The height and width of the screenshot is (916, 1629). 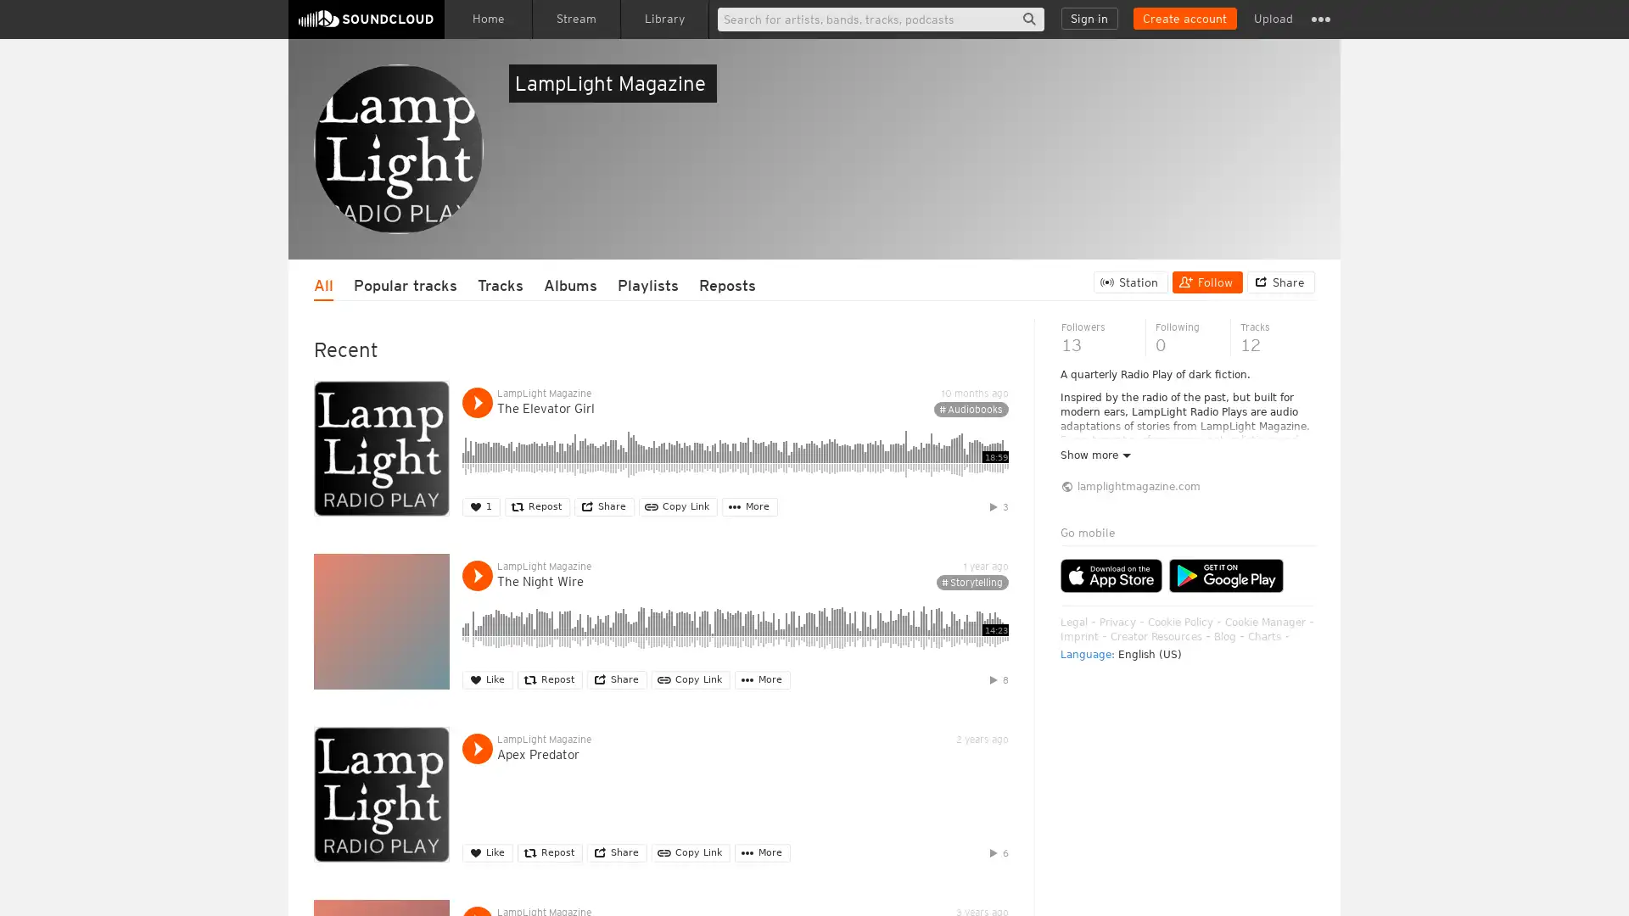 What do you see at coordinates (476, 574) in the screenshot?
I see `Play` at bounding box center [476, 574].